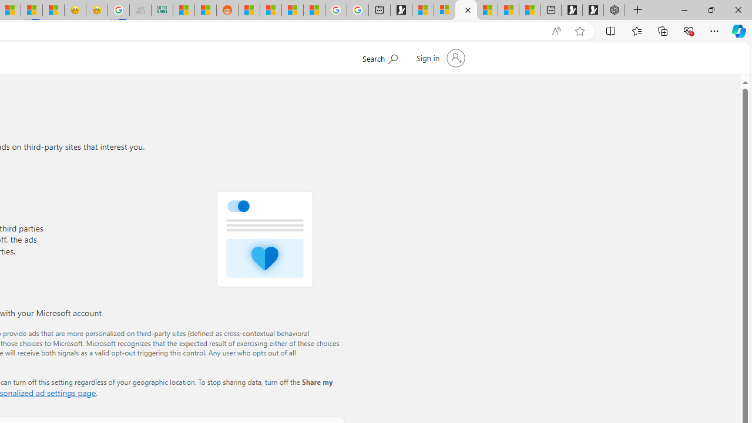  I want to click on 'These 3 Stocks Pay You More Than 5% to Own Them', so click(529, 10).